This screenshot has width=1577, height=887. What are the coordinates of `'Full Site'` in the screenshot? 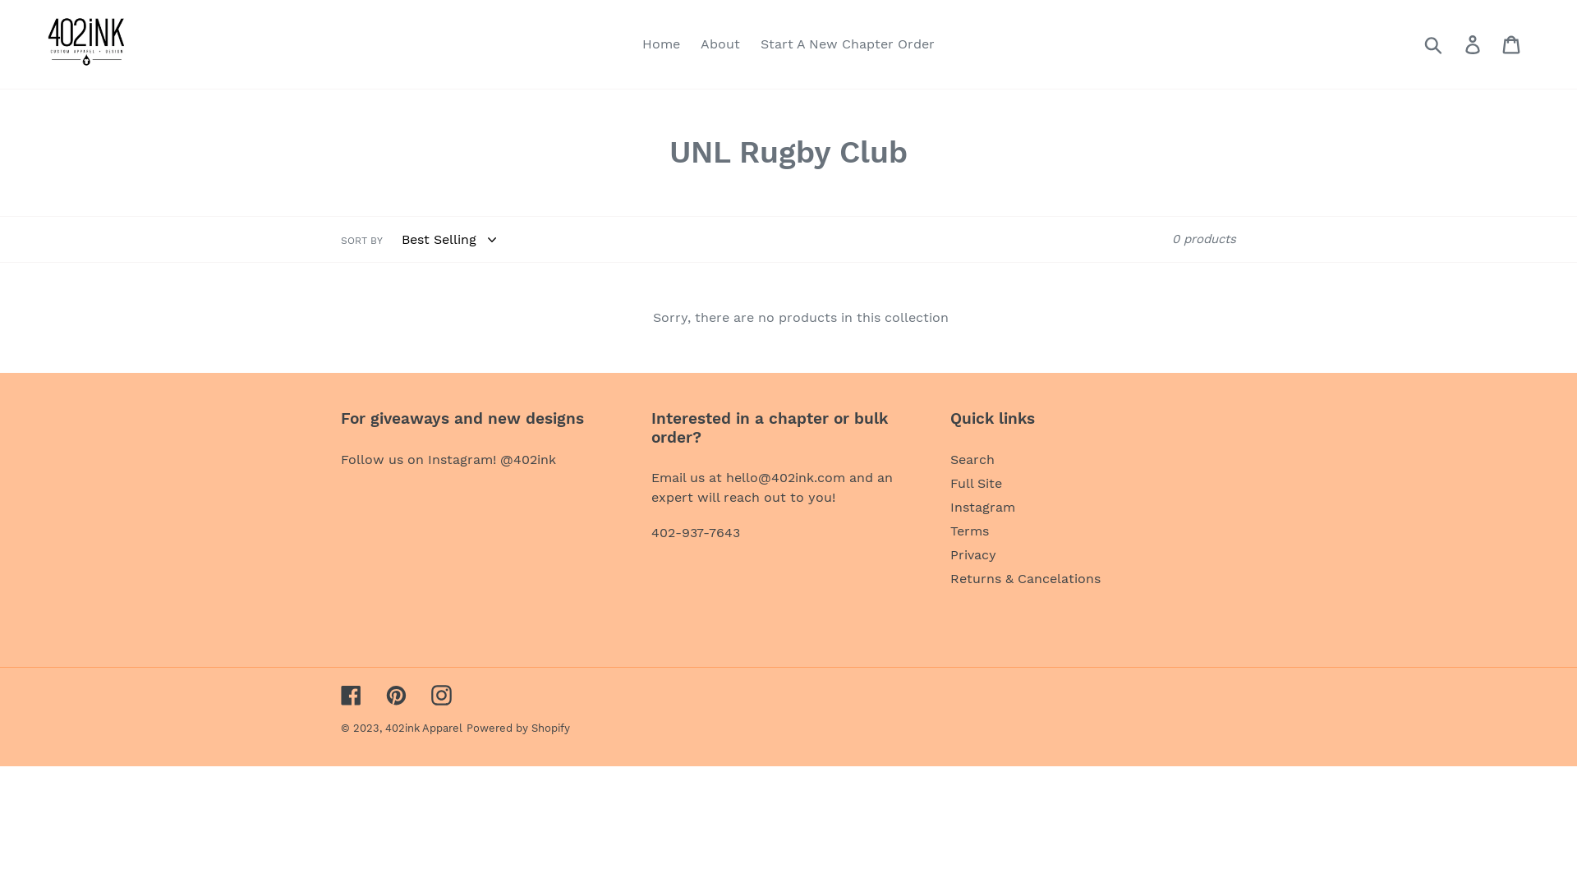 It's located at (976, 482).